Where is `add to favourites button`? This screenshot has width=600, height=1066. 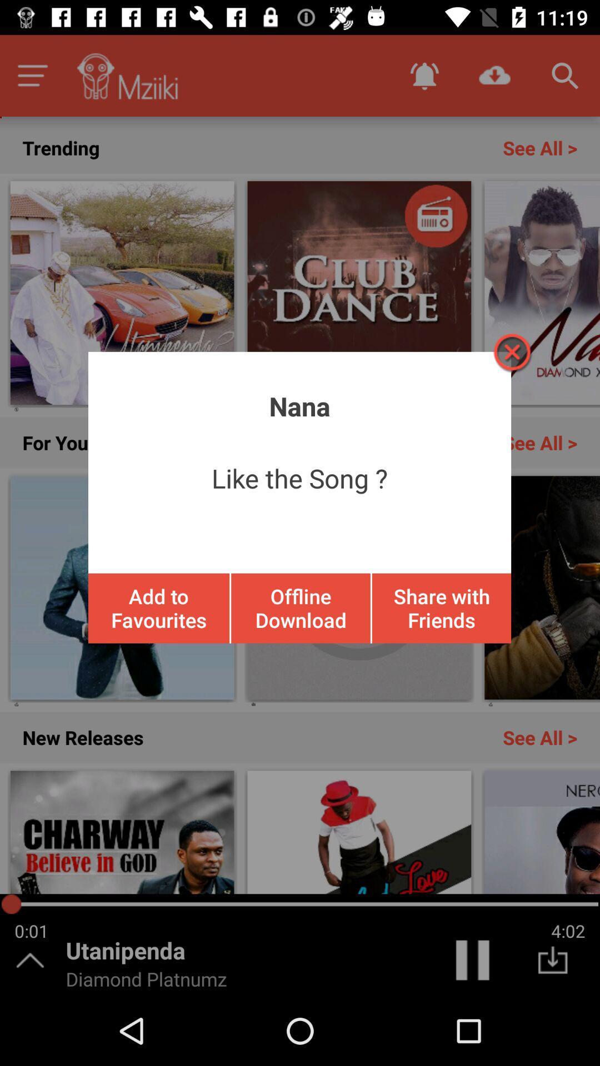 add to favourites button is located at coordinates (159, 607).